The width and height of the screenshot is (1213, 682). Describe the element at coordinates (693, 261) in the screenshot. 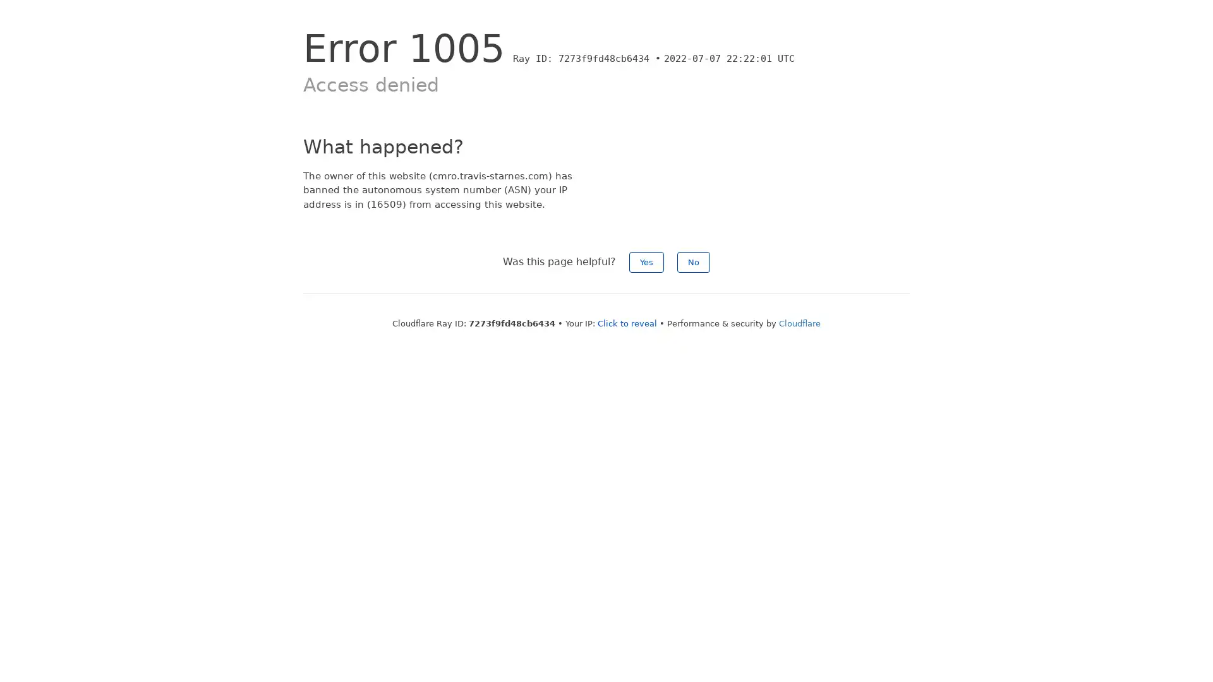

I see `No` at that location.